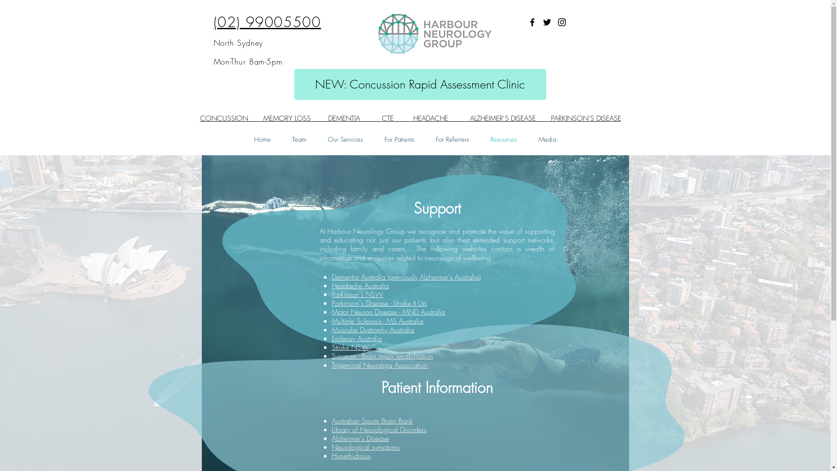 This screenshot has width=837, height=471. I want to click on 'Australian Sports Brain Bank', so click(372, 420).